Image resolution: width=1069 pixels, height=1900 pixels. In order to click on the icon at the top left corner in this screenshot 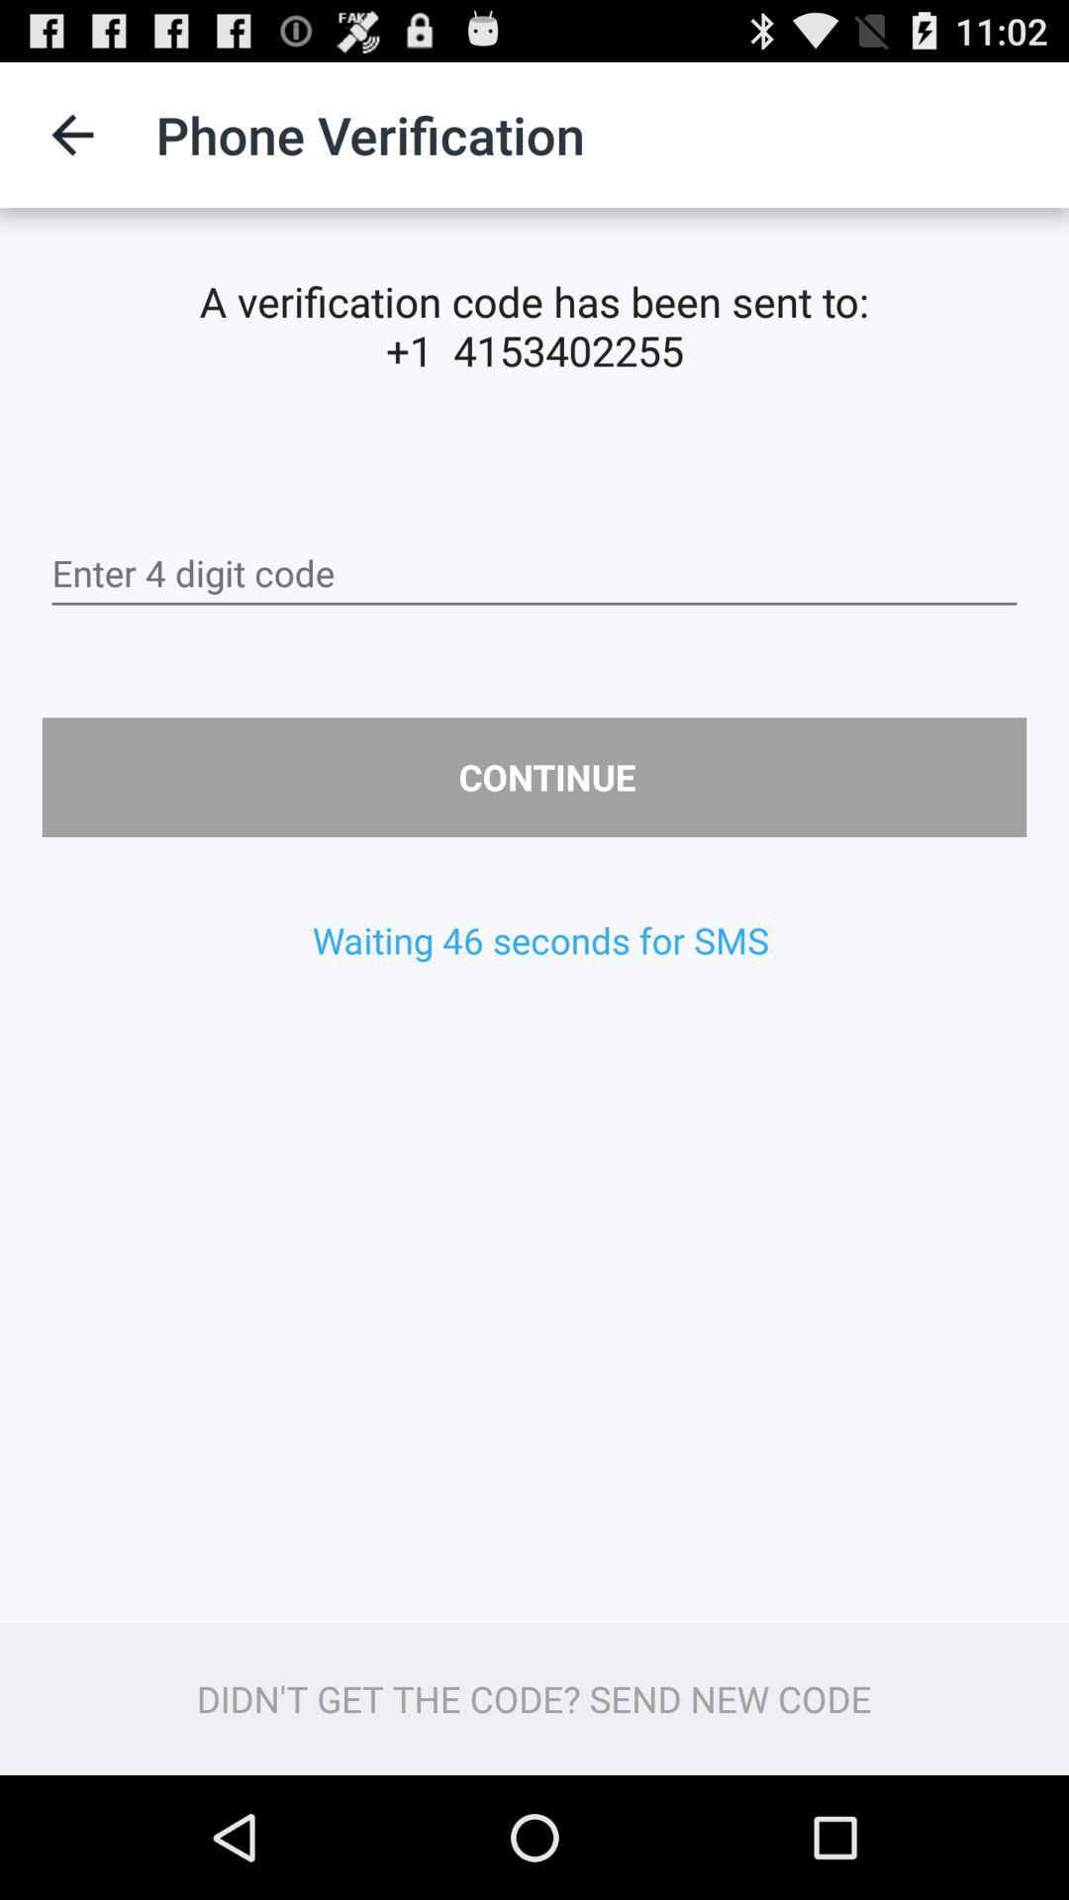, I will do `click(71, 134)`.